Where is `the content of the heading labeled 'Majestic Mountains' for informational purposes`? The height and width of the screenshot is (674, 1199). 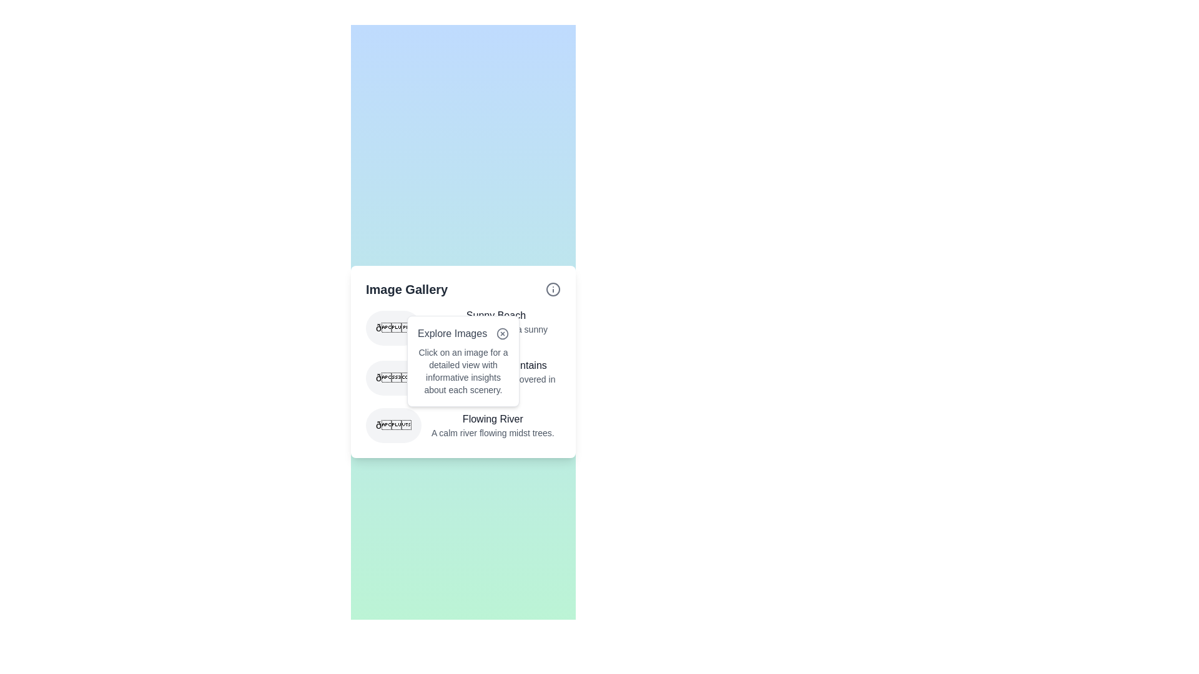
the content of the heading labeled 'Majestic Mountains' for informational purposes is located at coordinates (504, 365).